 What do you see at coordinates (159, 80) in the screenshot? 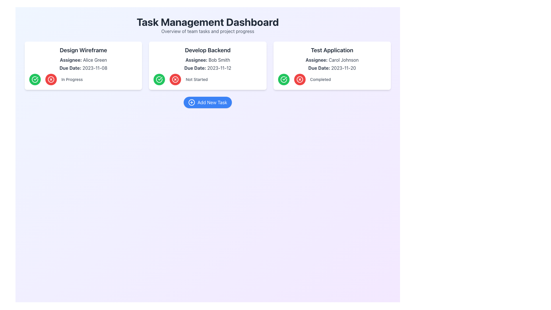
I see `the green outlined circular icon with a tick mark, located in the 'Develop Backend' task card` at bounding box center [159, 80].